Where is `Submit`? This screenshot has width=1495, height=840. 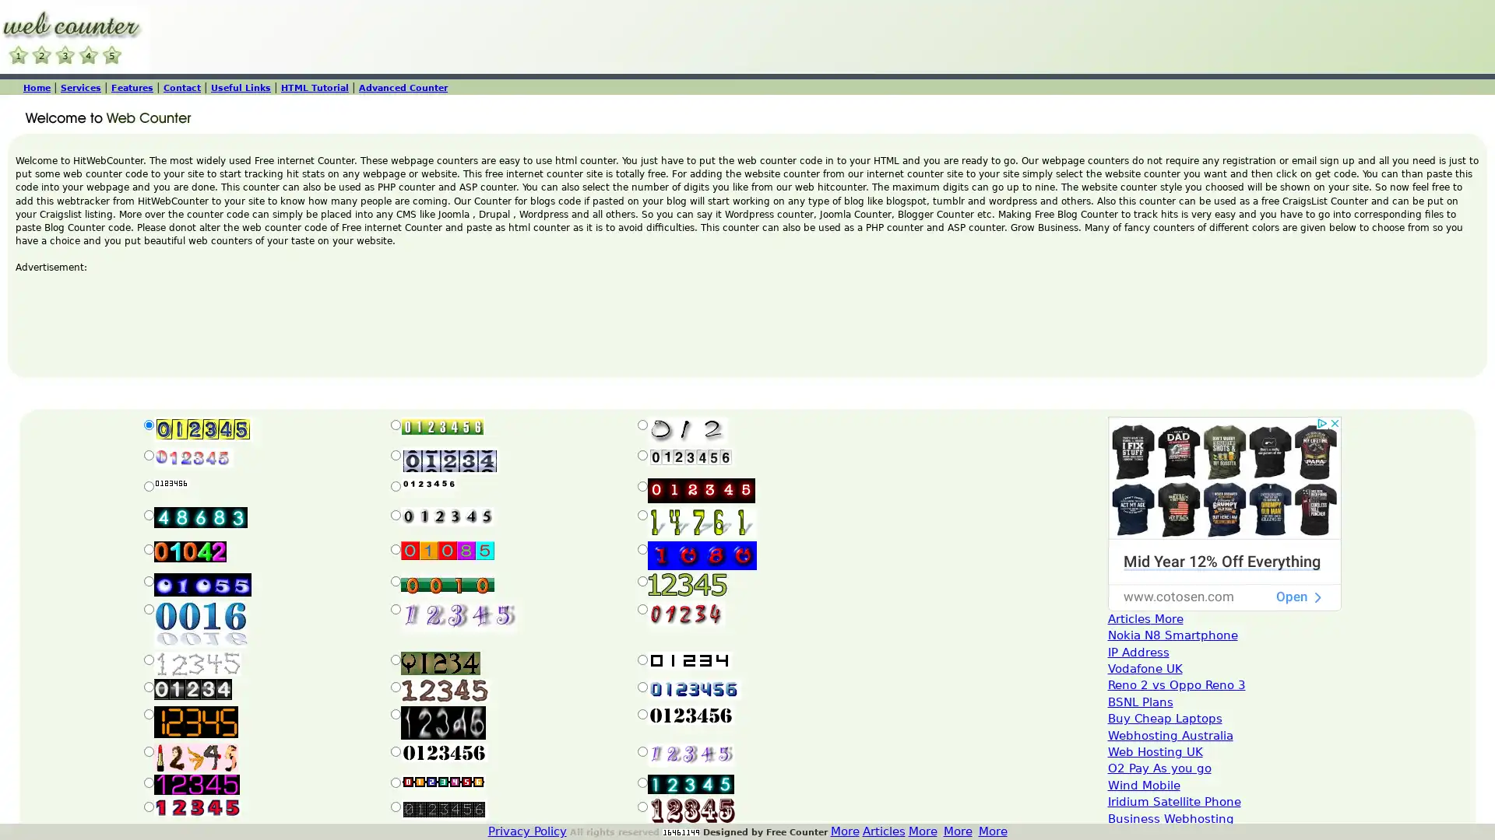 Submit is located at coordinates (202, 585).